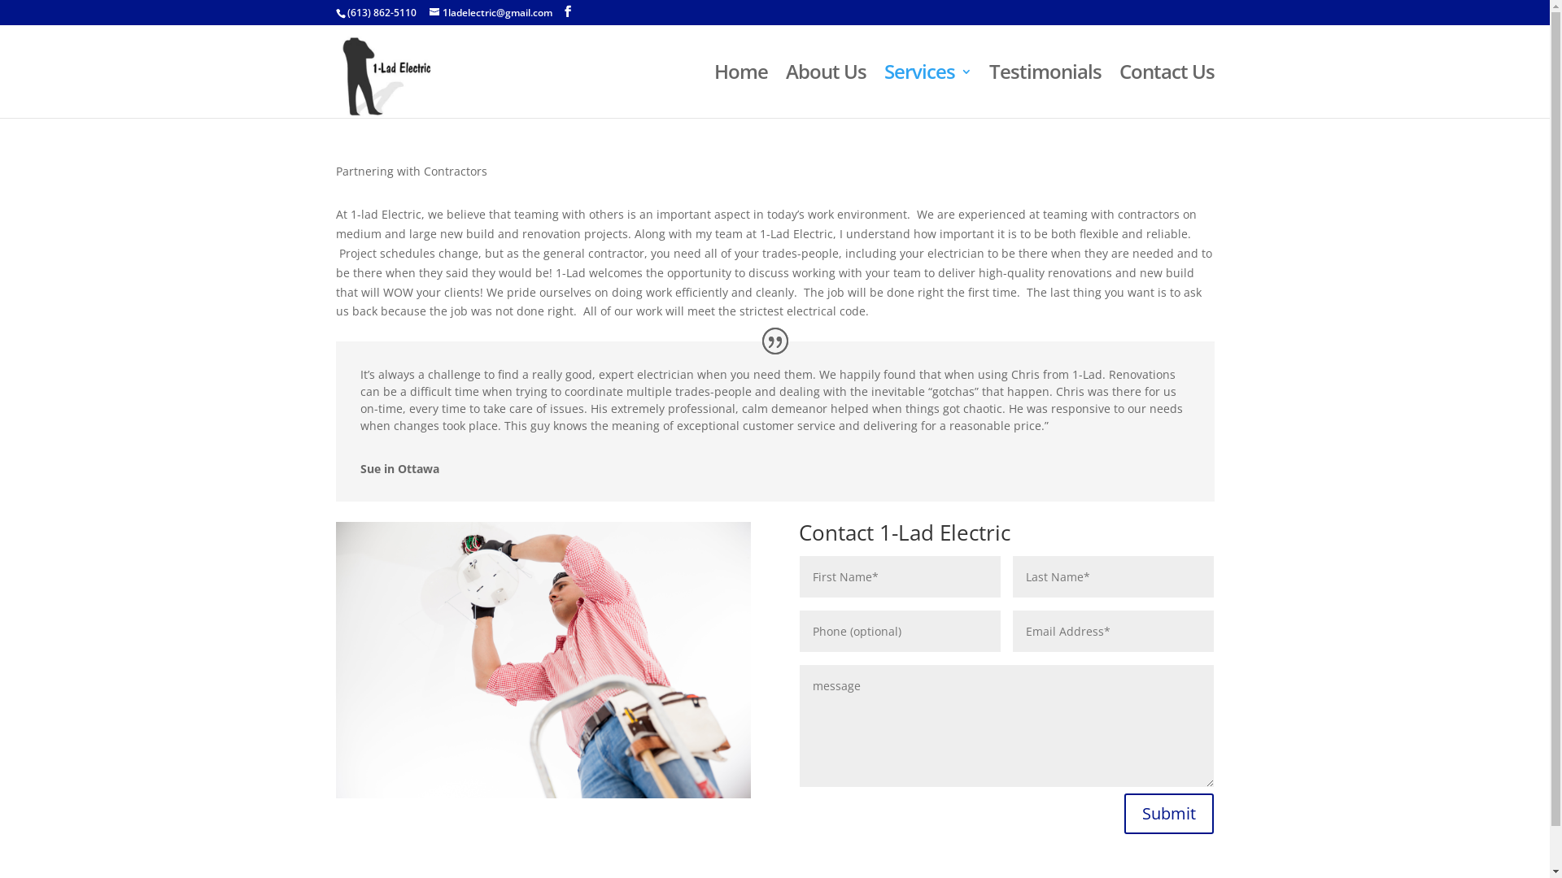  What do you see at coordinates (1124, 814) in the screenshot?
I see `'Submit'` at bounding box center [1124, 814].